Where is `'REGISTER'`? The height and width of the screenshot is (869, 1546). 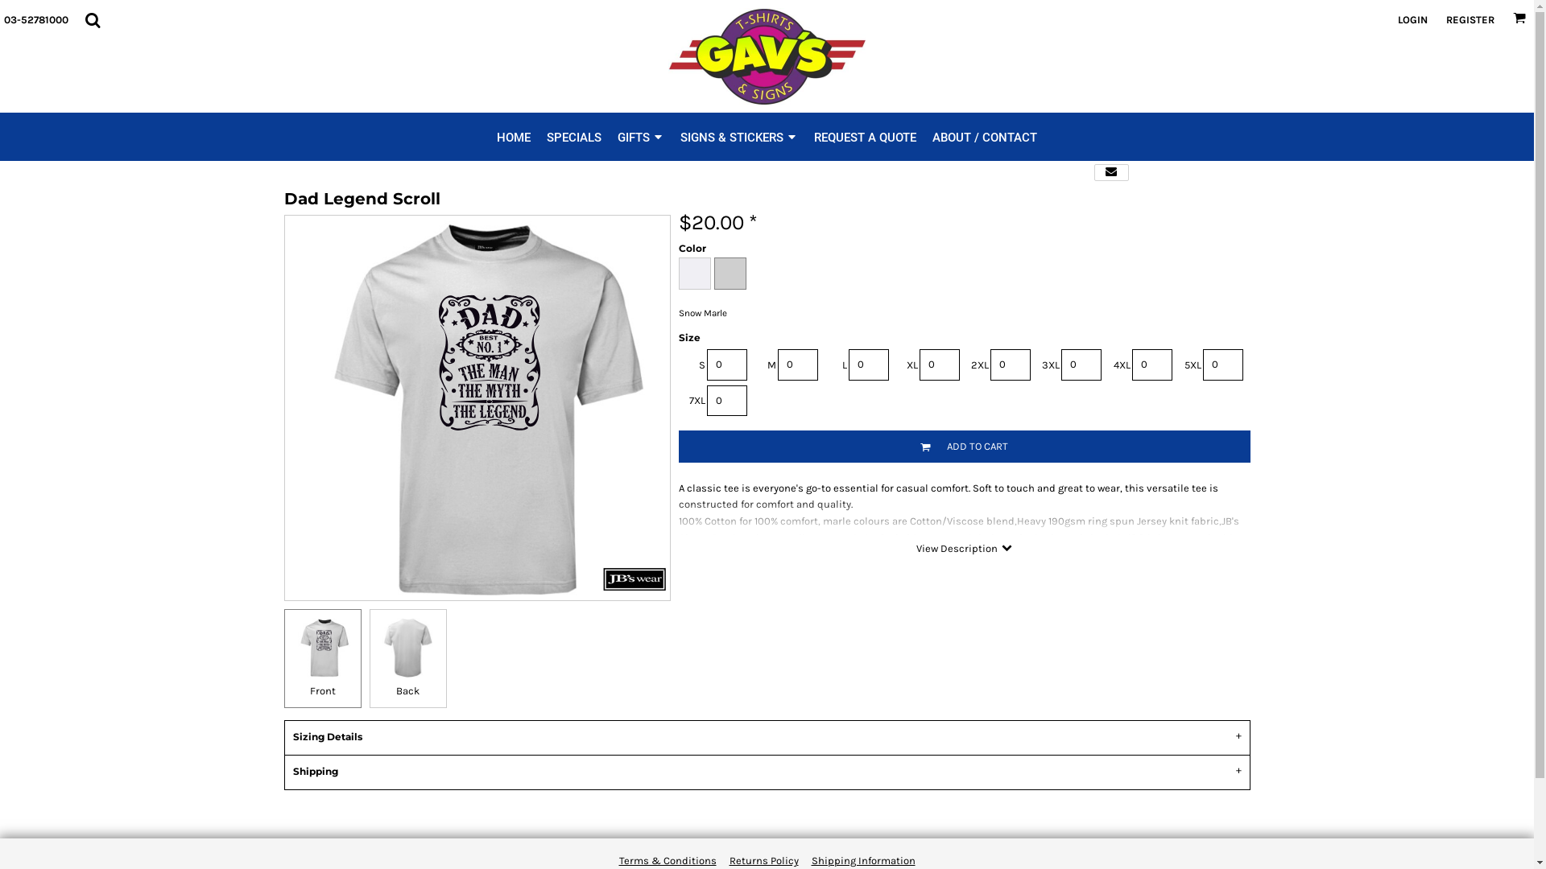
'REGISTER' is located at coordinates (1470, 19).